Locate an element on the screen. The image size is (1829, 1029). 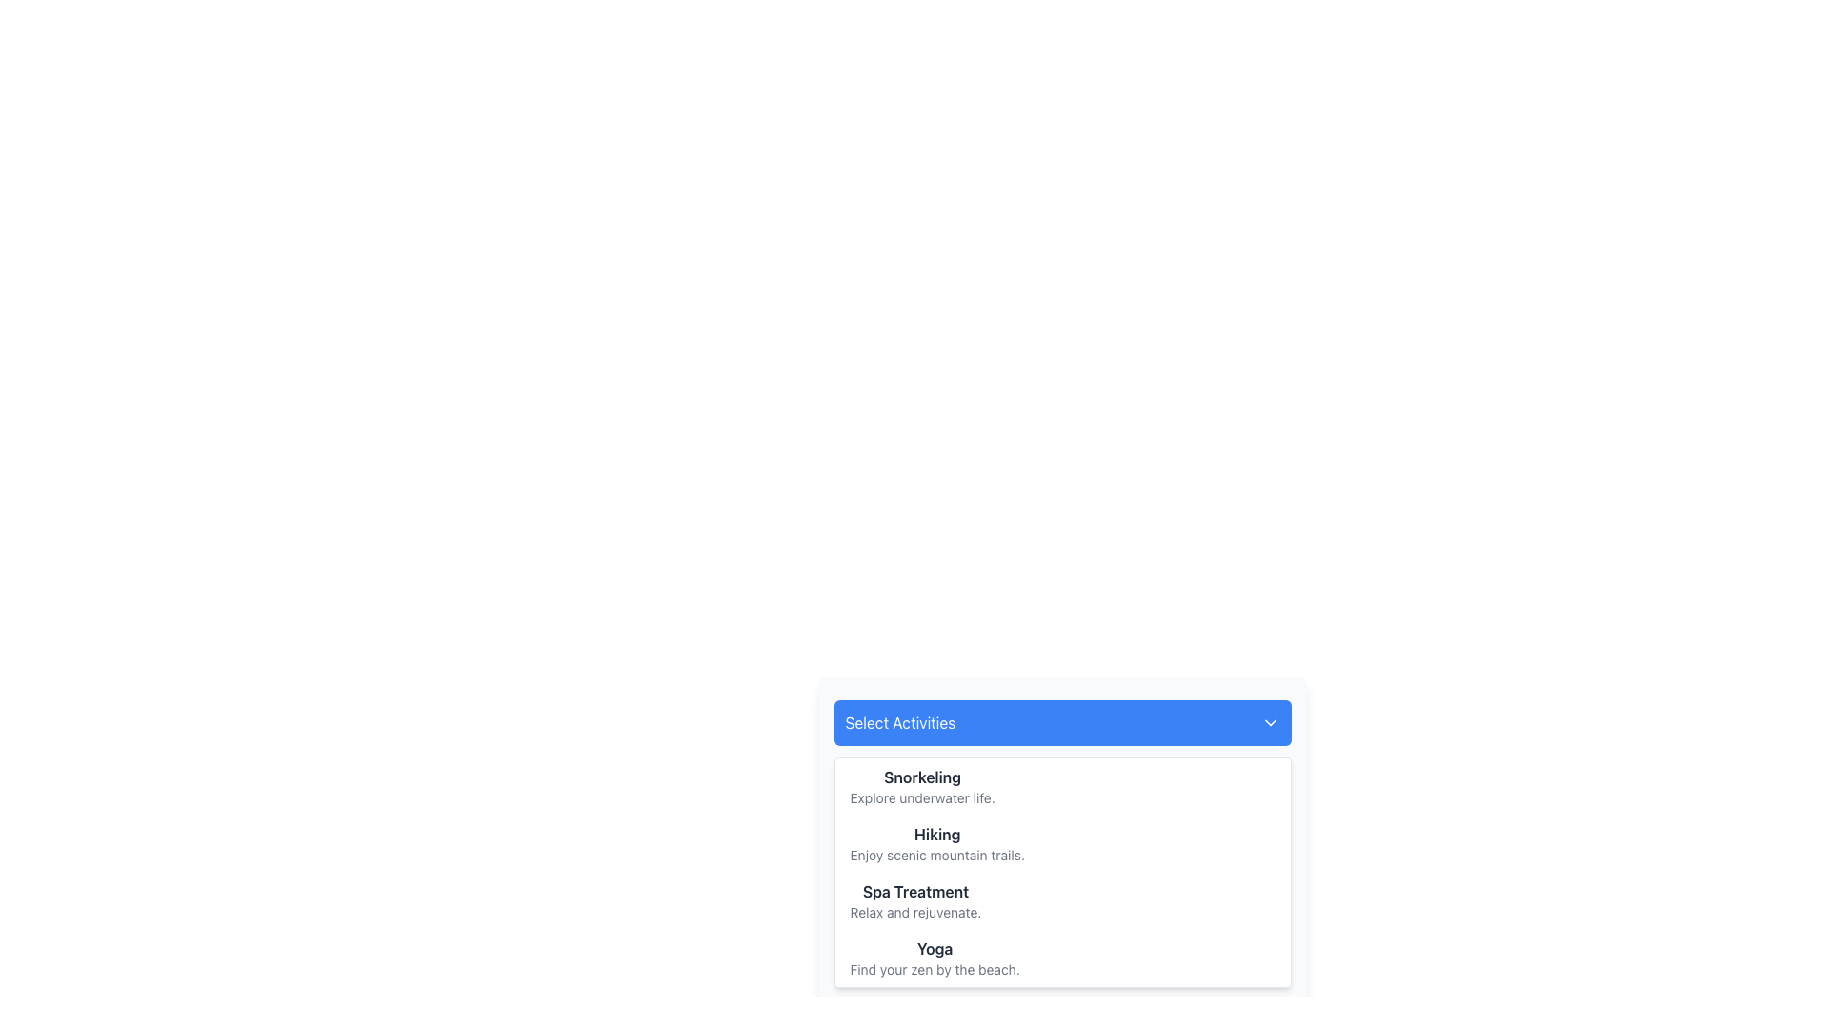
the static text that describes the 'Spa Treatment' option, located directly beneath the 'Spa Treatment' text in the dropdown list under 'Select Activities.' is located at coordinates (915, 911).